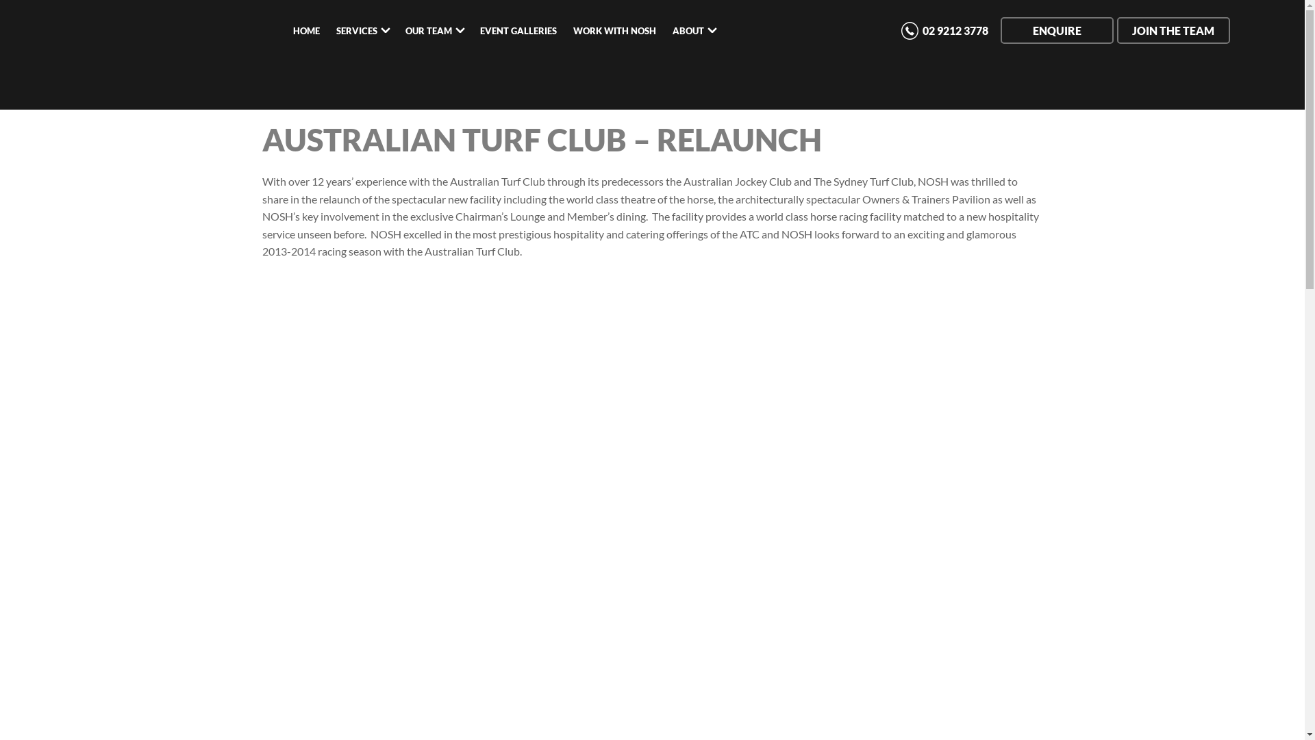 The height and width of the screenshot is (740, 1315). What do you see at coordinates (614, 31) in the screenshot?
I see `'WORK WITH NOSH'` at bounding box center [614, 31].